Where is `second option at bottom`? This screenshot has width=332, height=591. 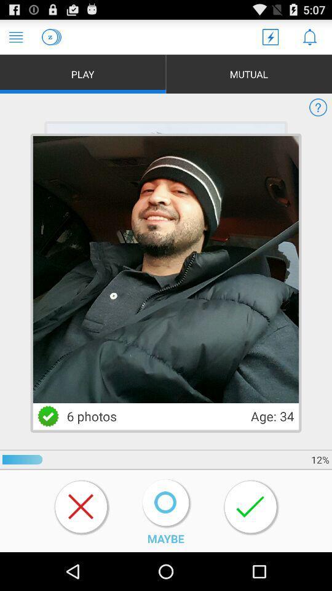
second option at bottom is located at coordinates (166, 504).